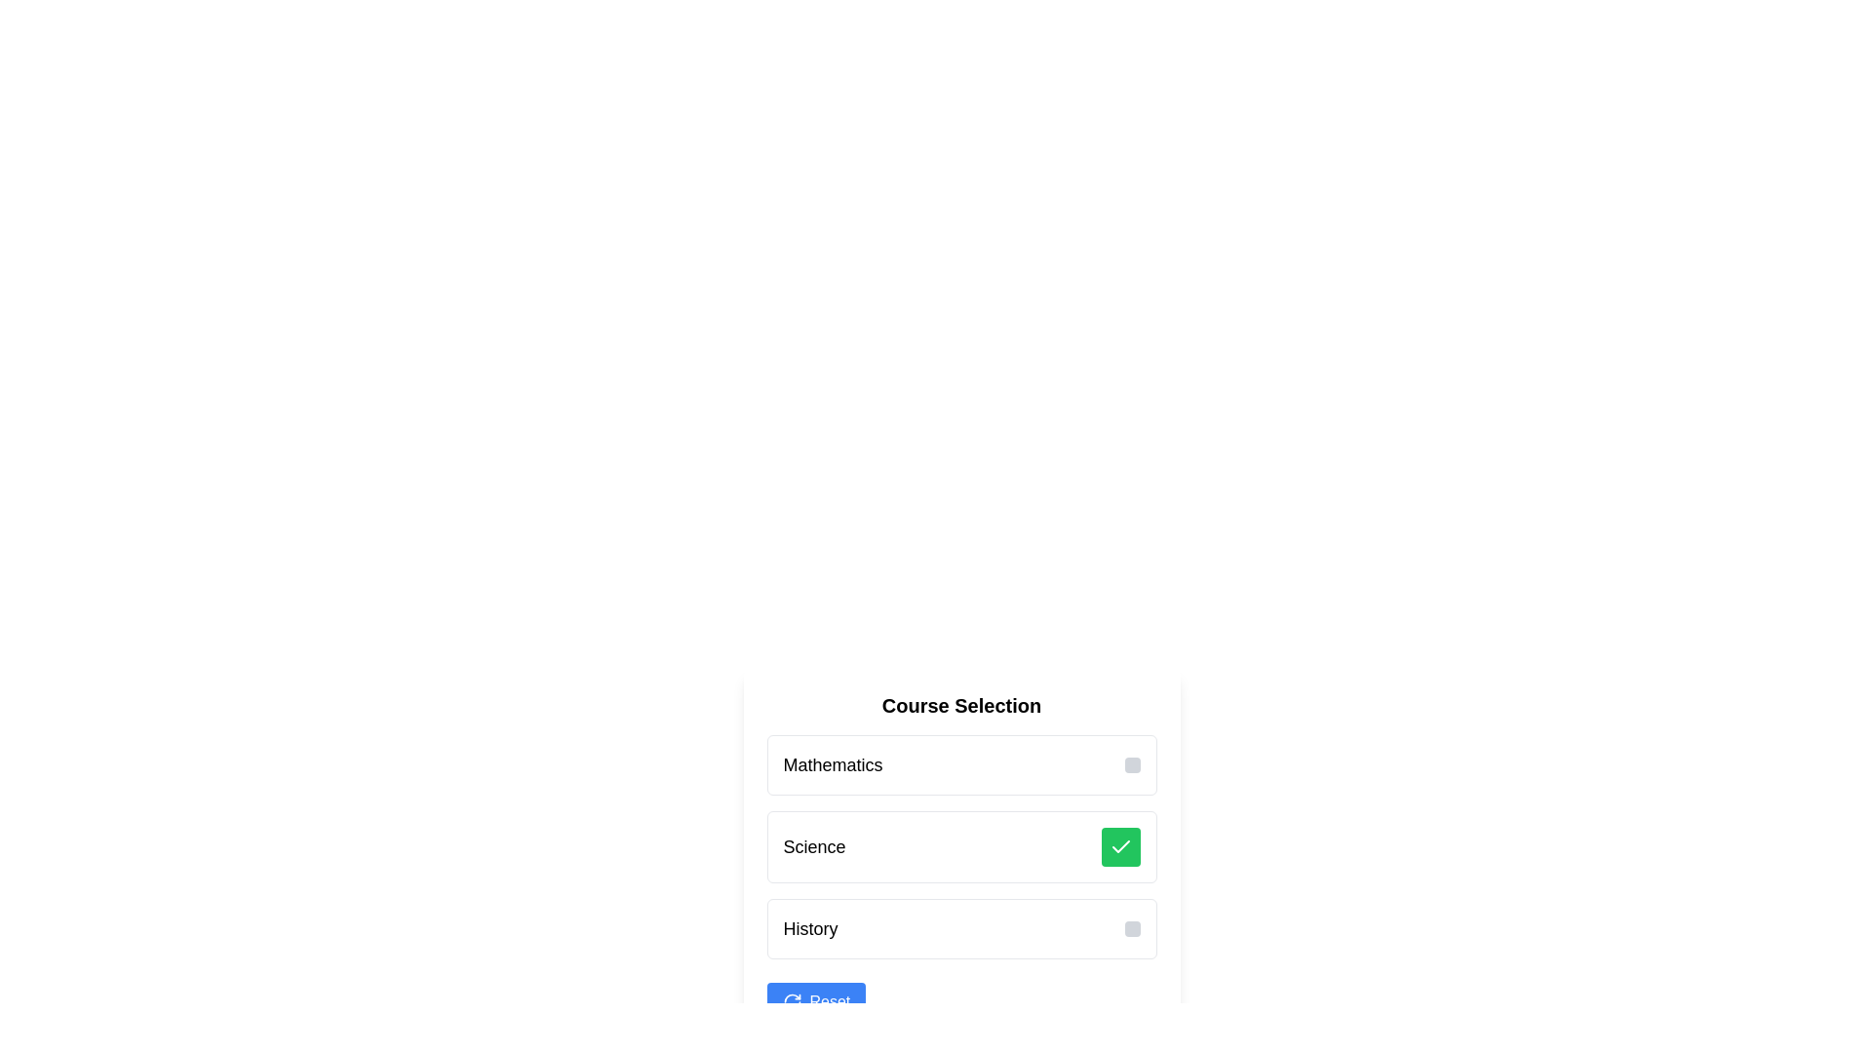 The width and height of the screenshot is (1872, 1053). I want to click on the 'Science' text label, which serves as a title for the selectable category within the list, positioned between 'Mathematics' and 'History', so click(814, 845).